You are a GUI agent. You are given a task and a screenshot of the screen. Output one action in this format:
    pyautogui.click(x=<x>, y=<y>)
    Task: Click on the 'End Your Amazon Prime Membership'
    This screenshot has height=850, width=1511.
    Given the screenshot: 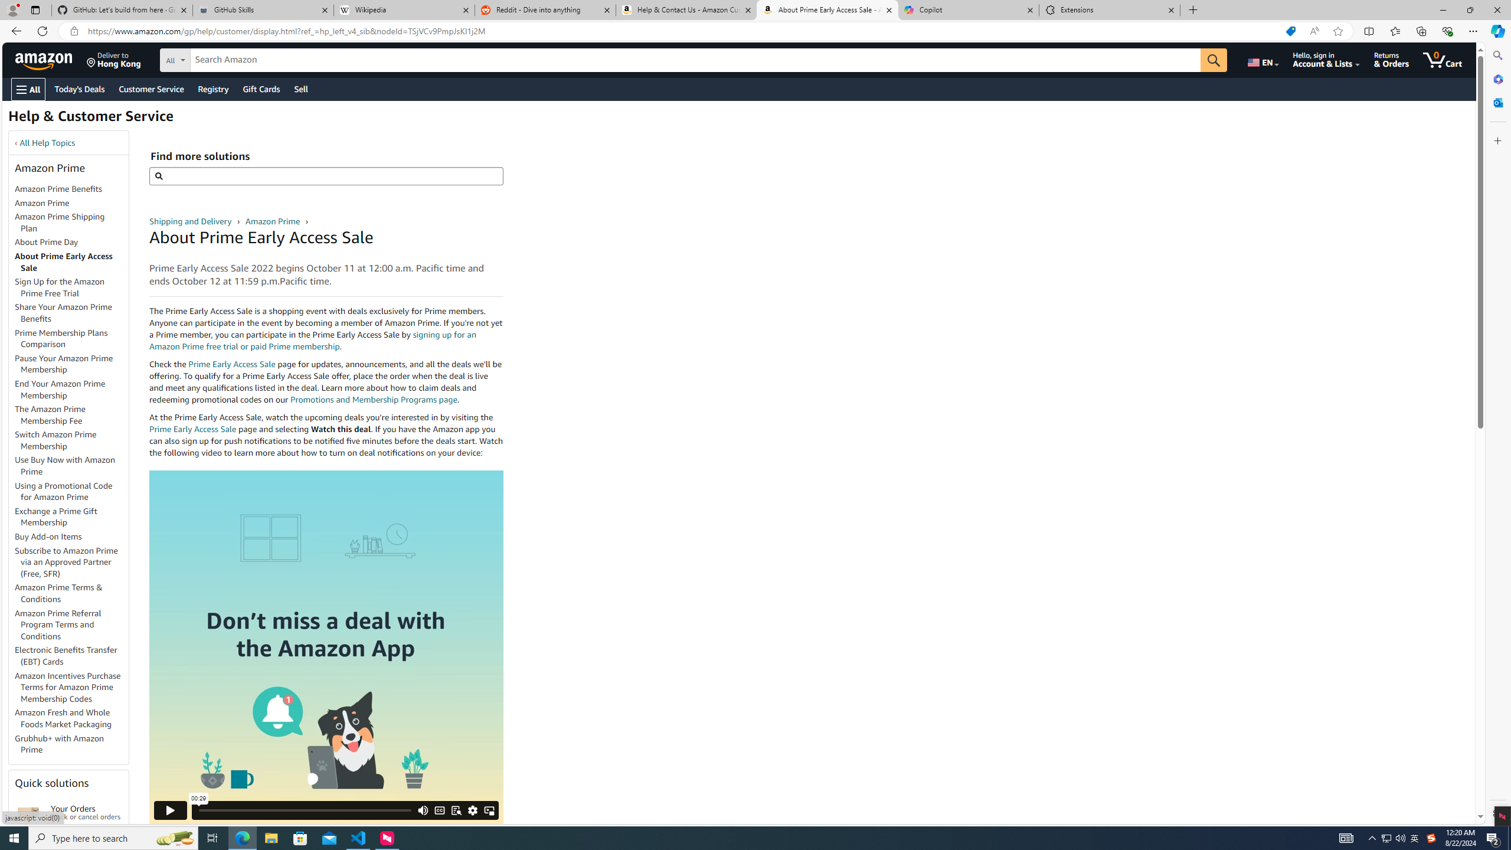 What is the action you would take?
    pyautogui.click(x=60, y=388)
    